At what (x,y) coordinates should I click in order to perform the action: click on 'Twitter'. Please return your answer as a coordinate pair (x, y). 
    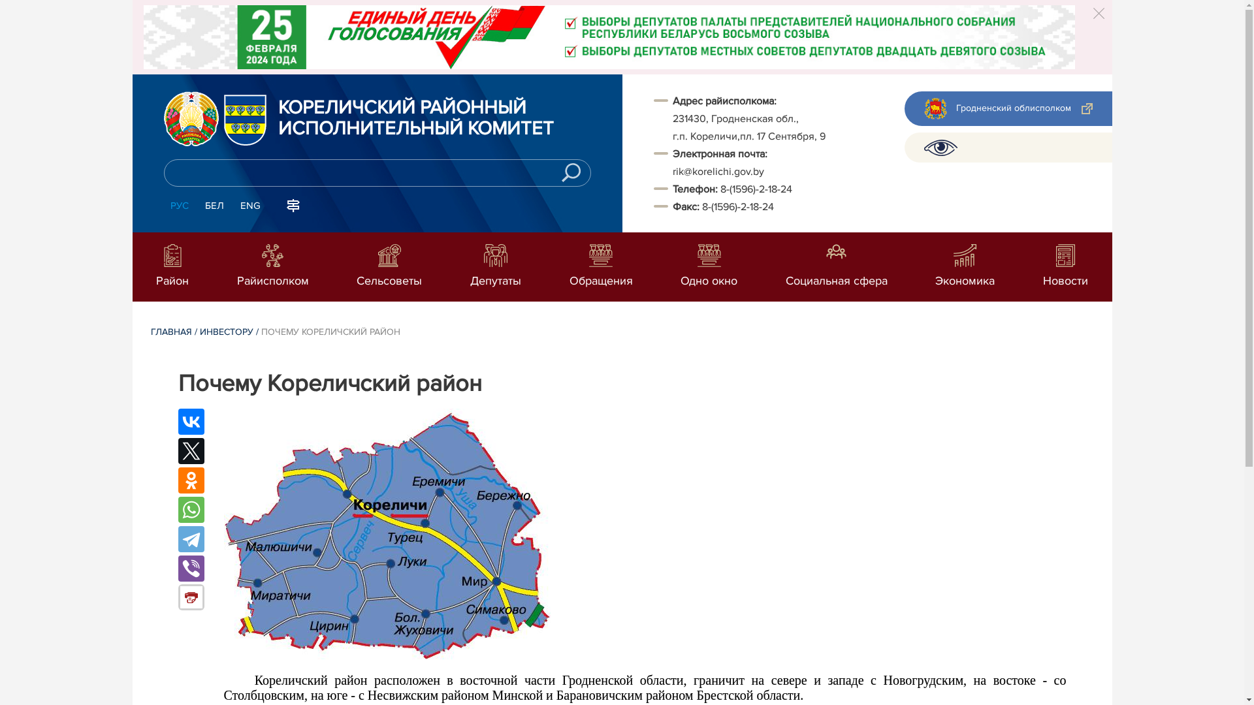
    Looking at the image, I should click on (190, 450).